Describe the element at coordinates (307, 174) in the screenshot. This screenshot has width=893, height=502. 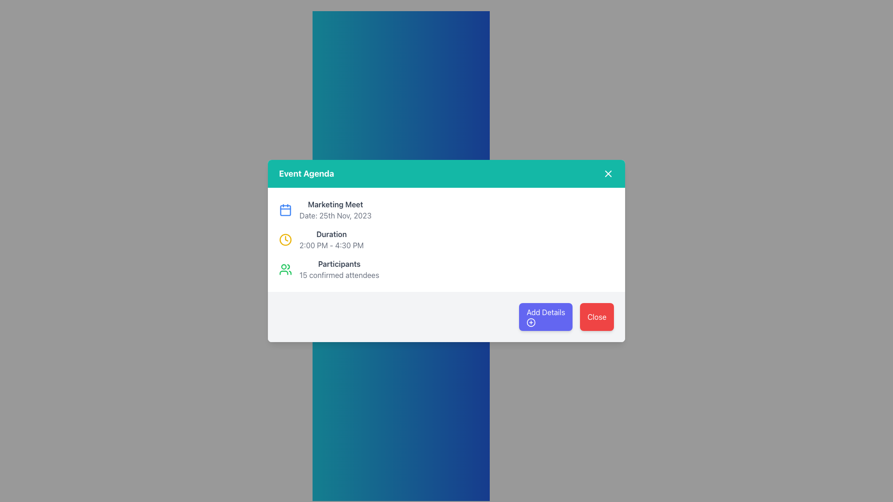
I see `the Text Label indicating 'Event Agenda' located in the header section of the modal interface, which is aligned to the left within the teal-colored header bar` at that location.